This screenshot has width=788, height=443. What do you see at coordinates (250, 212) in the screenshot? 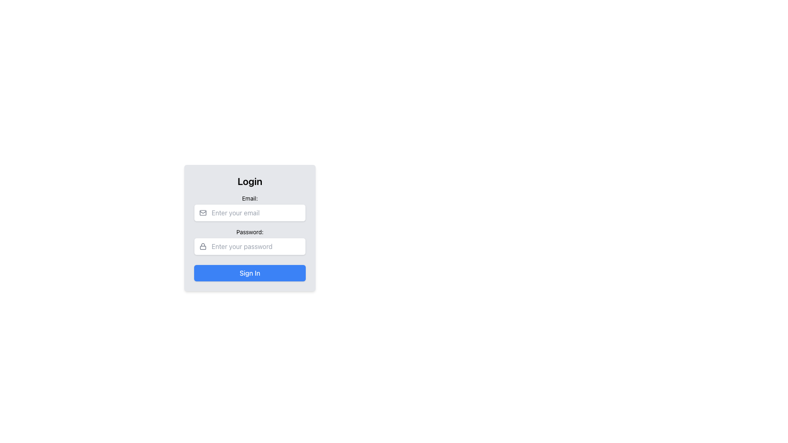
I see `the rectangular input field styled with rounded corners and a shadow effect, which contains an envelope icon and the placeholder text 'Enter your email', located below the 'Email:' label in the 'Login' form` at bounding box center [250, 212].